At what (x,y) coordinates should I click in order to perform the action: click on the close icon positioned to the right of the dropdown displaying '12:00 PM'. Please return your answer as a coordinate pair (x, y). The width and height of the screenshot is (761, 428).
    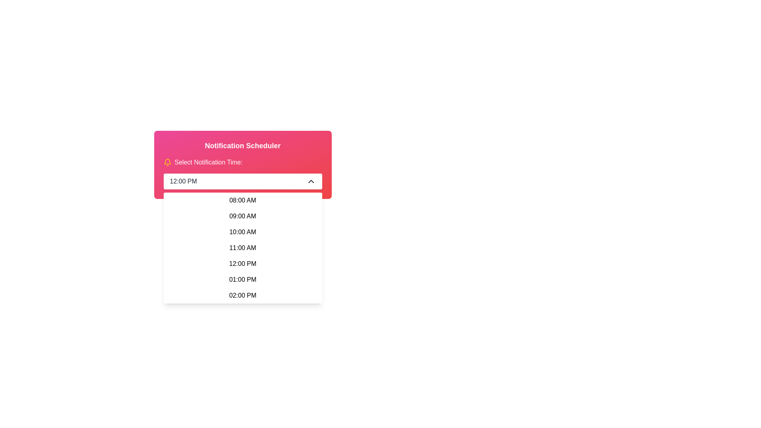
    Looking at the image, I should click on (310, 182).